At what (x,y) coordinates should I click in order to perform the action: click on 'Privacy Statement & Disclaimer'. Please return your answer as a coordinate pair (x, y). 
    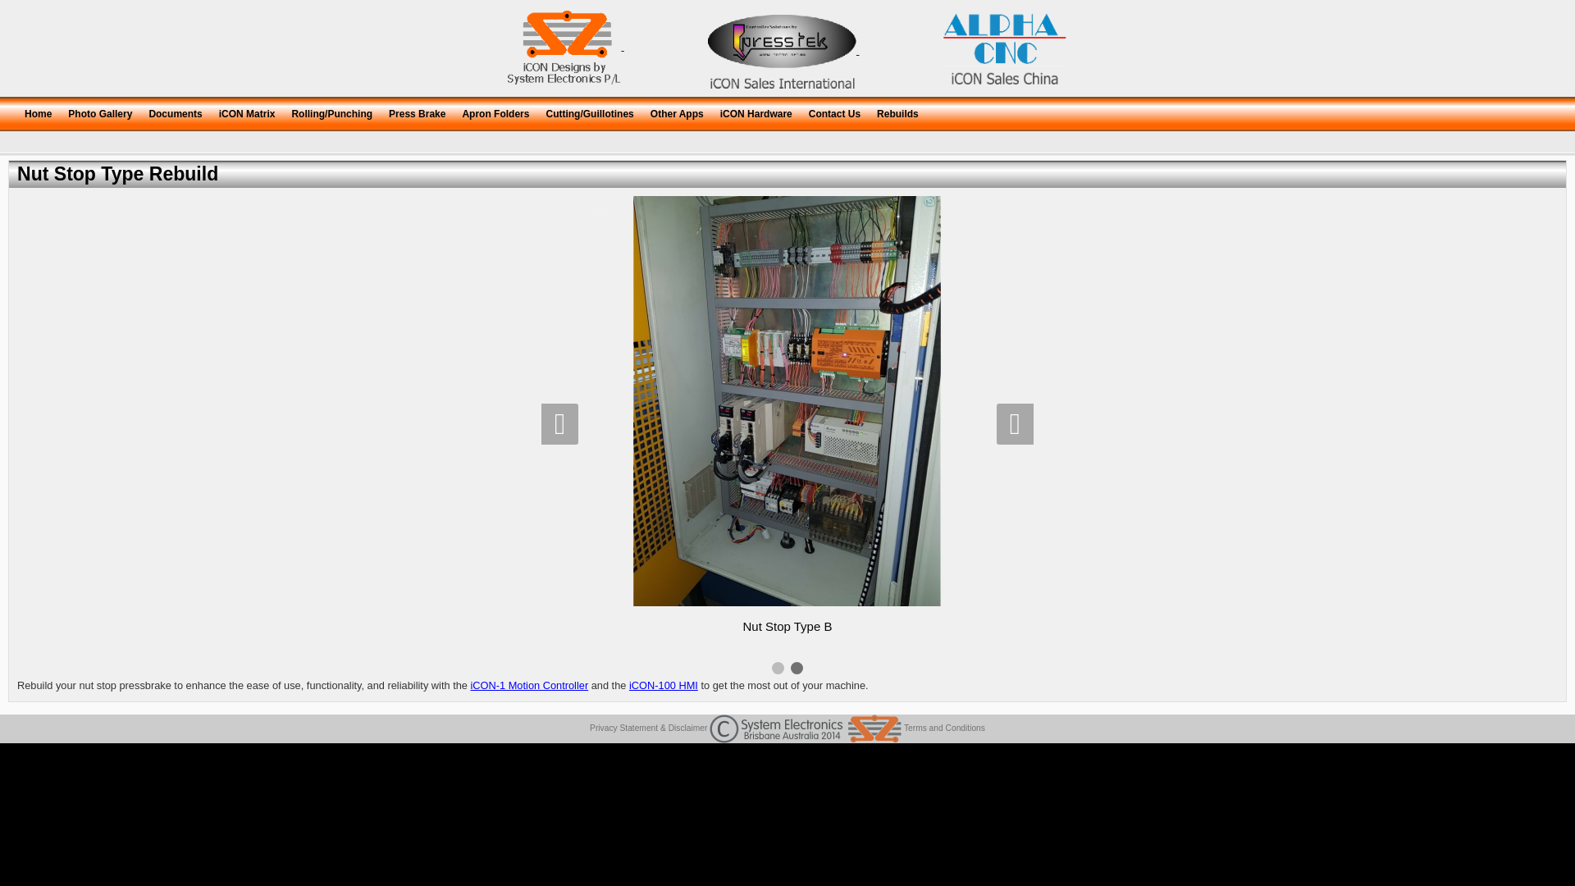
    Looking at the image, I should click on (590, 727).